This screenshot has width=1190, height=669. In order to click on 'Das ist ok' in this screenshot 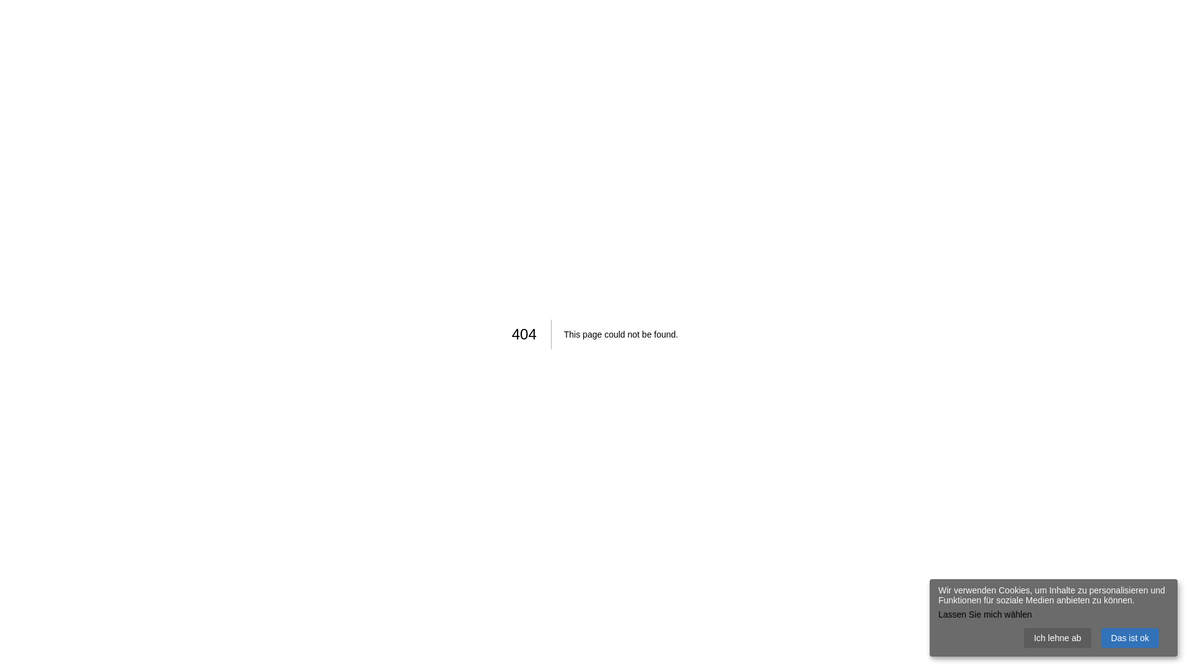, I will do `click(1101, 637)`.